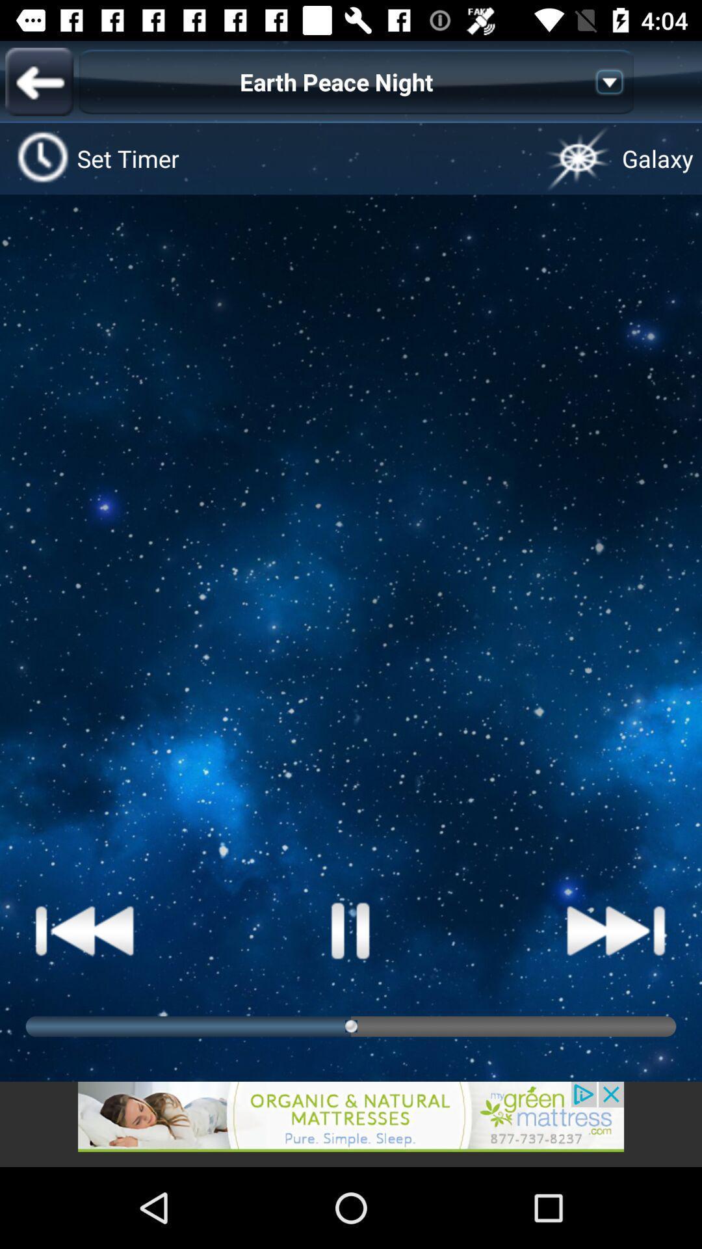 Image resolution: width=702 pixels, height=1249 pixels. I want to click on next button, so click(616, 930).